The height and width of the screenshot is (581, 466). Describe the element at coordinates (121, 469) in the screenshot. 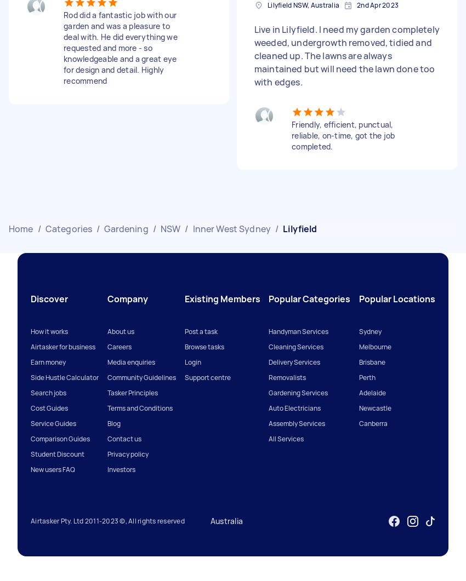

I see `'Investors'` at that location.